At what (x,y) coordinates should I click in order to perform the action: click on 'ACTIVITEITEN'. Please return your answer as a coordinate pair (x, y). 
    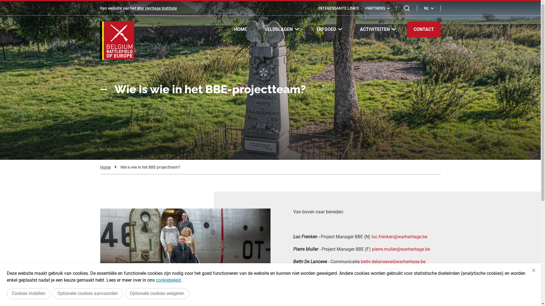
    Looking at the image, I should click on (378, 29).